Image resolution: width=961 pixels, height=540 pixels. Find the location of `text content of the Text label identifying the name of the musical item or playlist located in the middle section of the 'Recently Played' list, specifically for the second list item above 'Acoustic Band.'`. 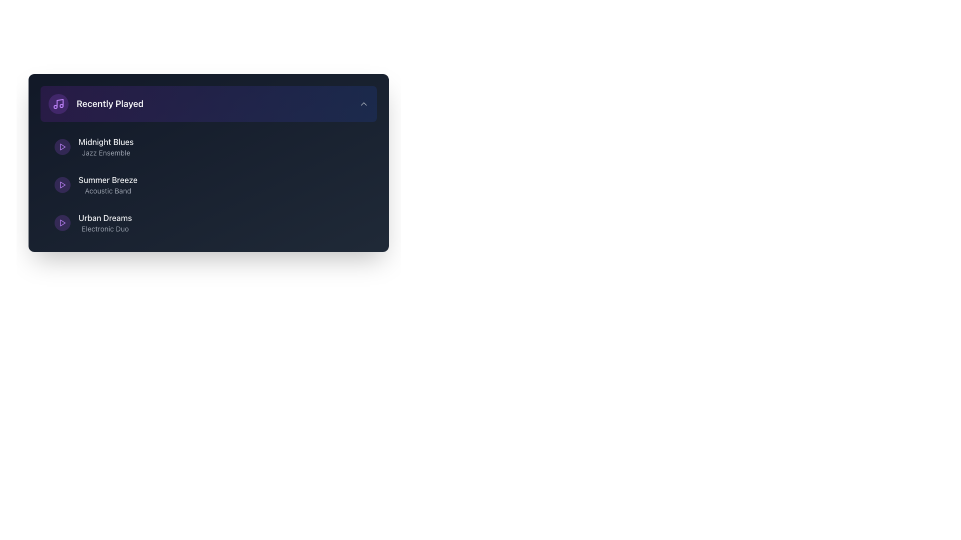

text content of the Text label identifying the name of the musical item or playlist located in the middle section of the 'Recently Played' list, specifically for the second list item above 'Acoustic Band.' is located at coordinates (108, 179).